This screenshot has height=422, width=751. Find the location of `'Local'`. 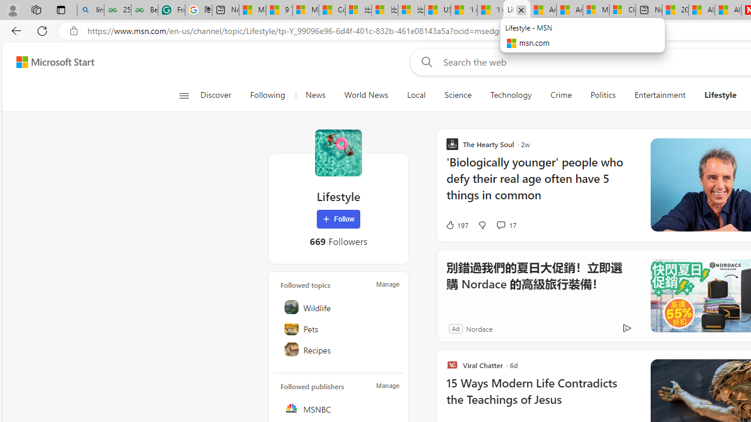

'Local' is located at coordinates (416, 95).